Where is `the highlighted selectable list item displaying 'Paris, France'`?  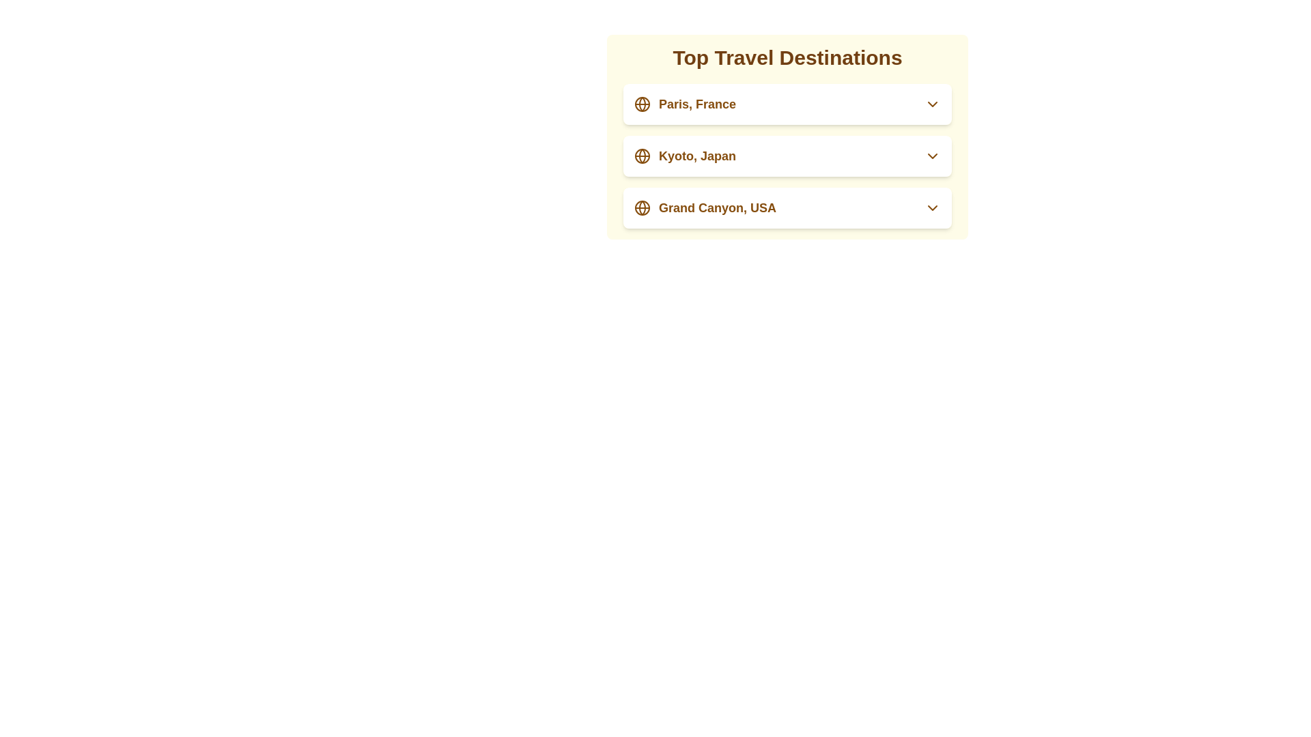 the highlighted selectable list item displaying 'Paris, France' is located at coordinates (787, 104).